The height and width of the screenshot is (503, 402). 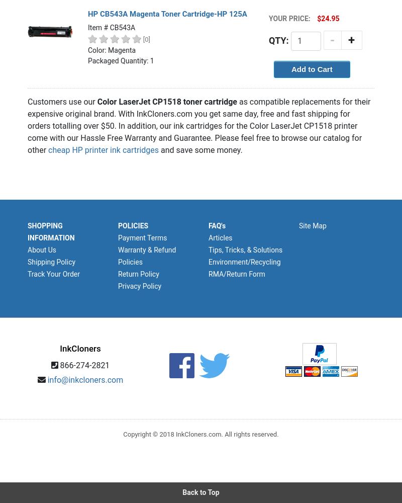 I want to click on 'Warranty & Refund Policies', so click(x=147, y=256).